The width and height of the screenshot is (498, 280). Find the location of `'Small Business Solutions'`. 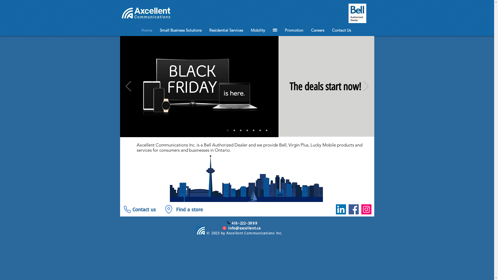

'Small Business Solutions' is located at coordinates (181, 30).